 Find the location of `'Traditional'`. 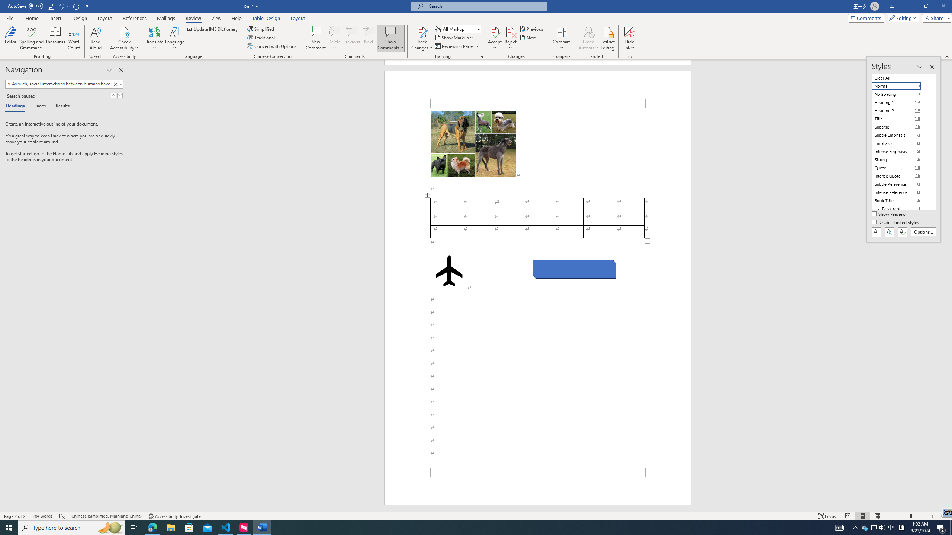

'Traditional' is located at coordinates (262, 37).